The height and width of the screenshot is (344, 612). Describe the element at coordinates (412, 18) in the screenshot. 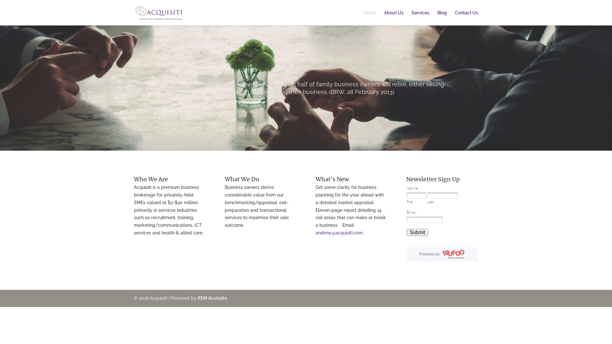

I see `'Services'` at that location.